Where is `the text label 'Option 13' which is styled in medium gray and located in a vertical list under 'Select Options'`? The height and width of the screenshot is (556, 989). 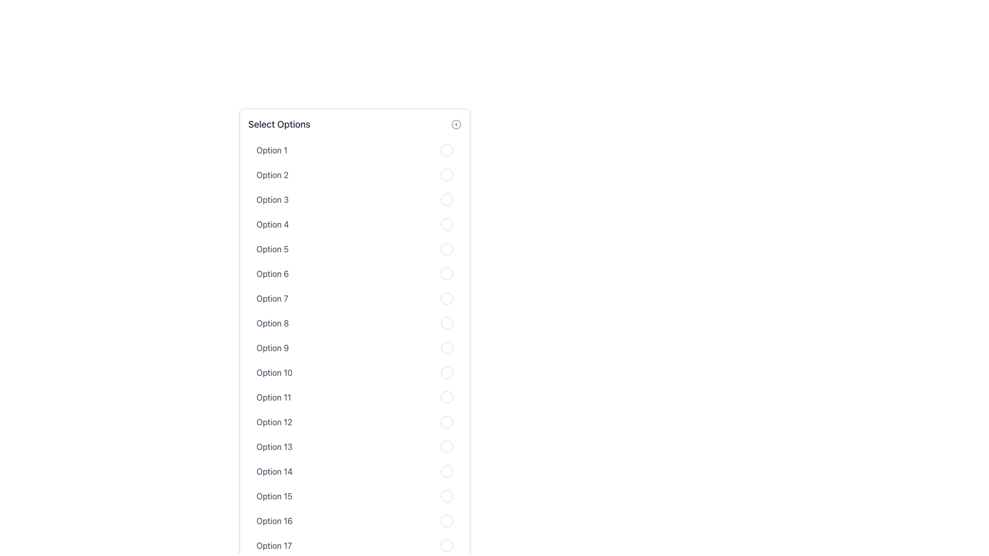
the text label 'Option 13' which is styled in medium gray and located in a vertical list under 'Select Options' is located at coordinates (274, 446).